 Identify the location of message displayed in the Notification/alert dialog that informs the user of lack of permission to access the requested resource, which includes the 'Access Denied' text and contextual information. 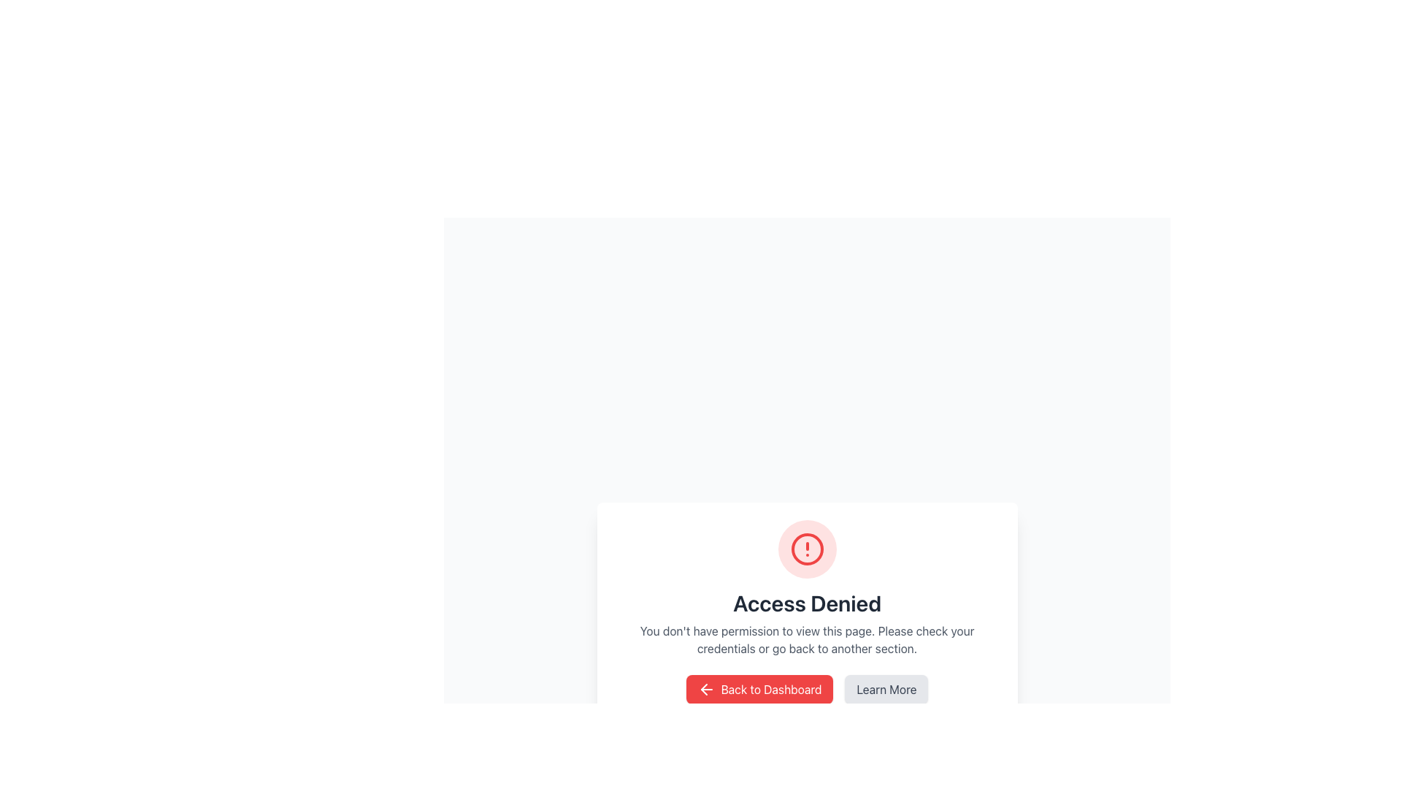
(806, 611).